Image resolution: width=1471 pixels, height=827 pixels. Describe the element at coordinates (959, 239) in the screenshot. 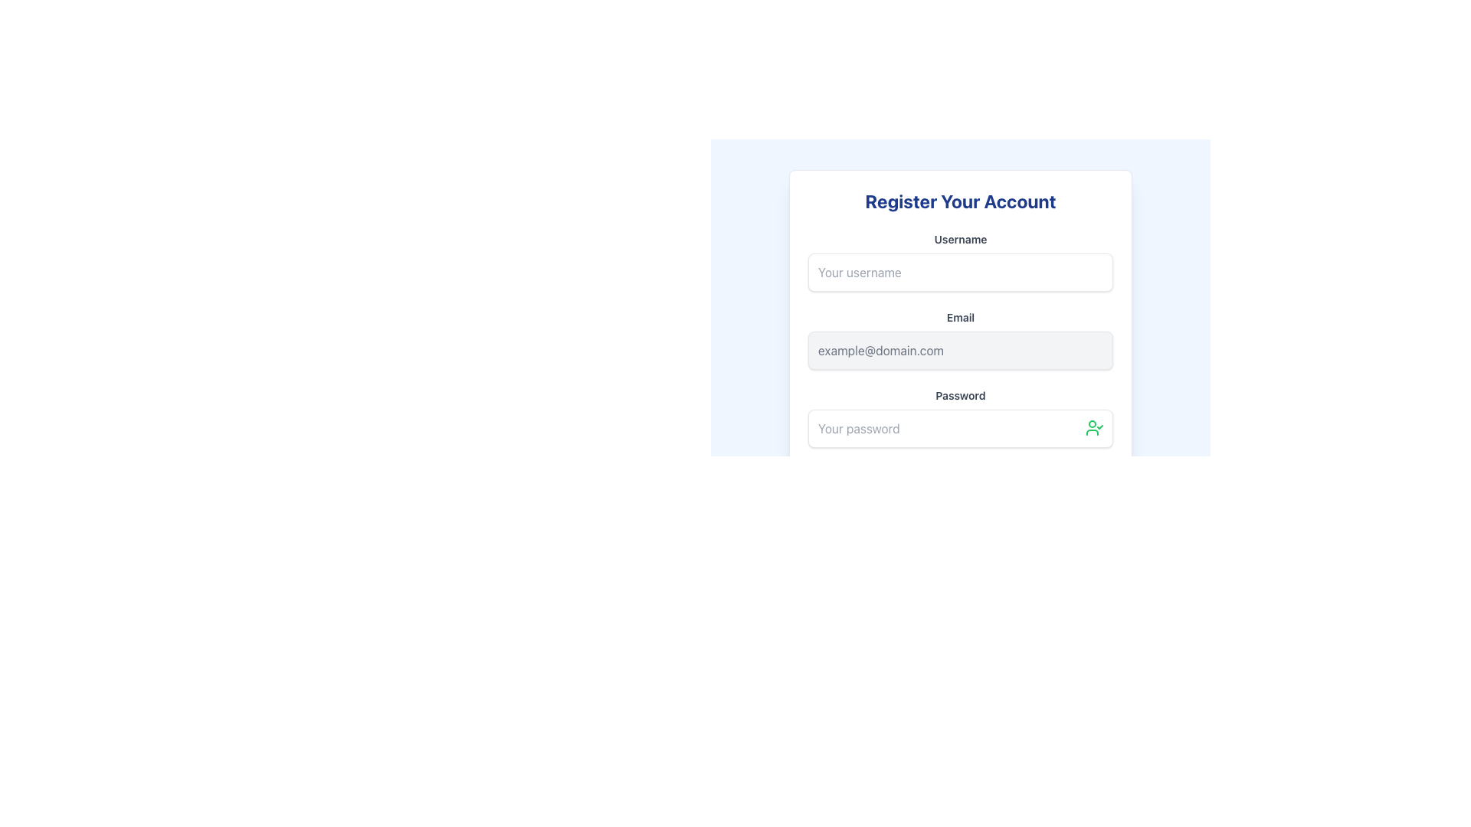

I see `the text label displaying 'Username' in a bold font, which is located above the text input field with placeholder 'Your username'` at that location.